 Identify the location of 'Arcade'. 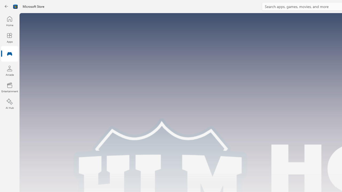
(9, 70).